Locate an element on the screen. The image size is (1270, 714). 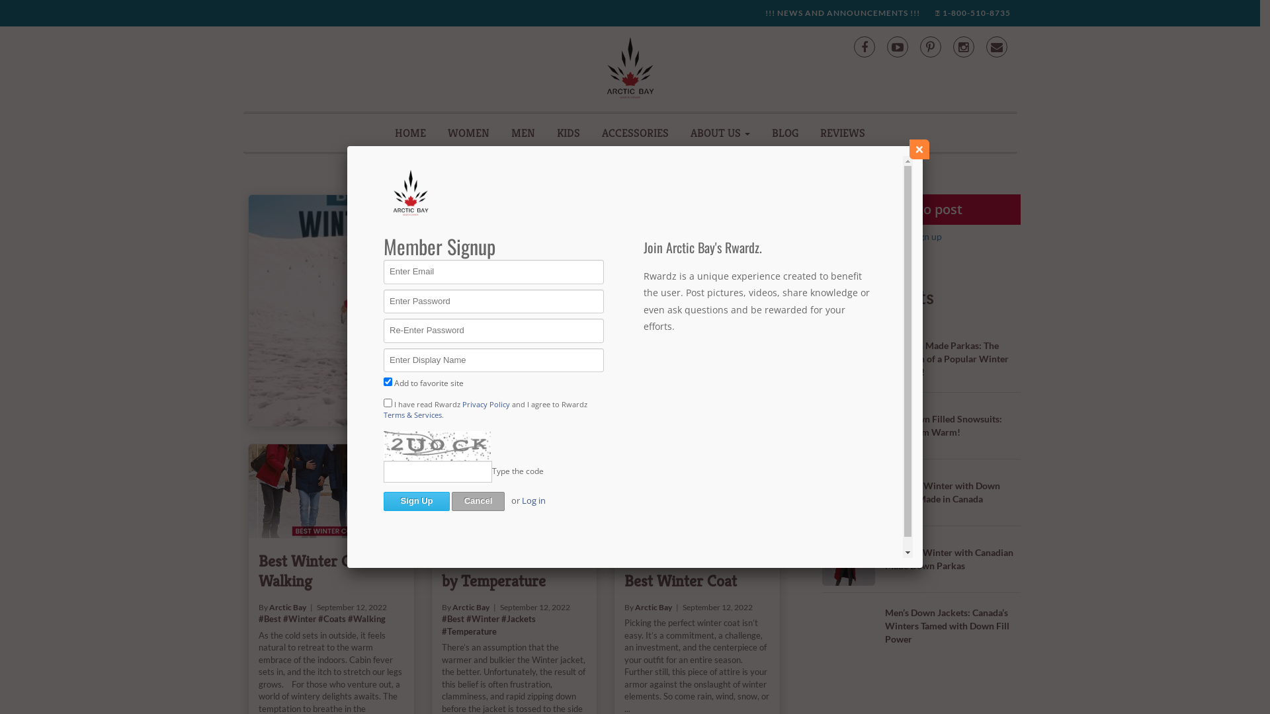
'Kids Down Filled Snowsuits: Keep them Warm!' is located at coordinates (943, 425).